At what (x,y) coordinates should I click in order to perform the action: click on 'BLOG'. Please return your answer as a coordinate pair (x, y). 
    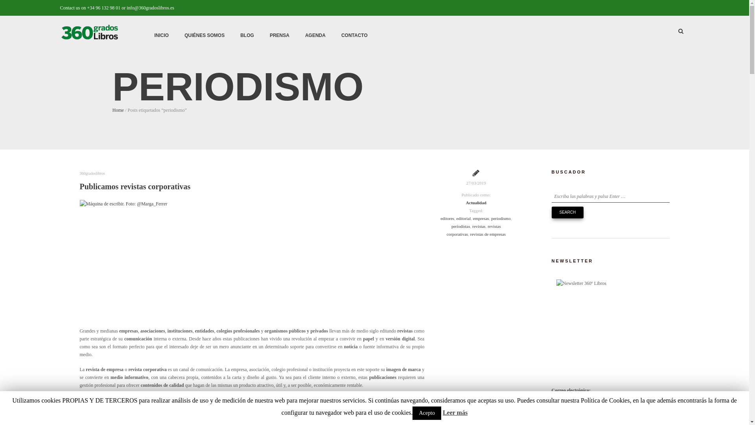
    Looking at the image, I should click on (247, 35).